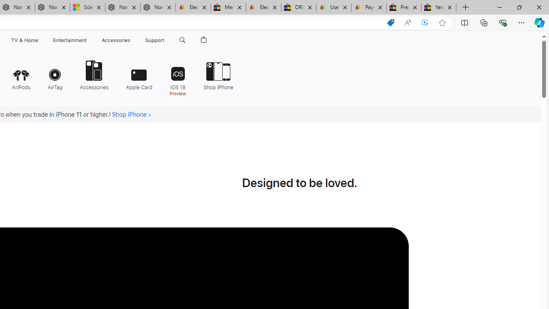 The width and height of the screenshot is (549, 309). What do you see at coordinates (182, 40) in the screenshot?
I see `'Search apple.com'` at bounding box center [182, 40].